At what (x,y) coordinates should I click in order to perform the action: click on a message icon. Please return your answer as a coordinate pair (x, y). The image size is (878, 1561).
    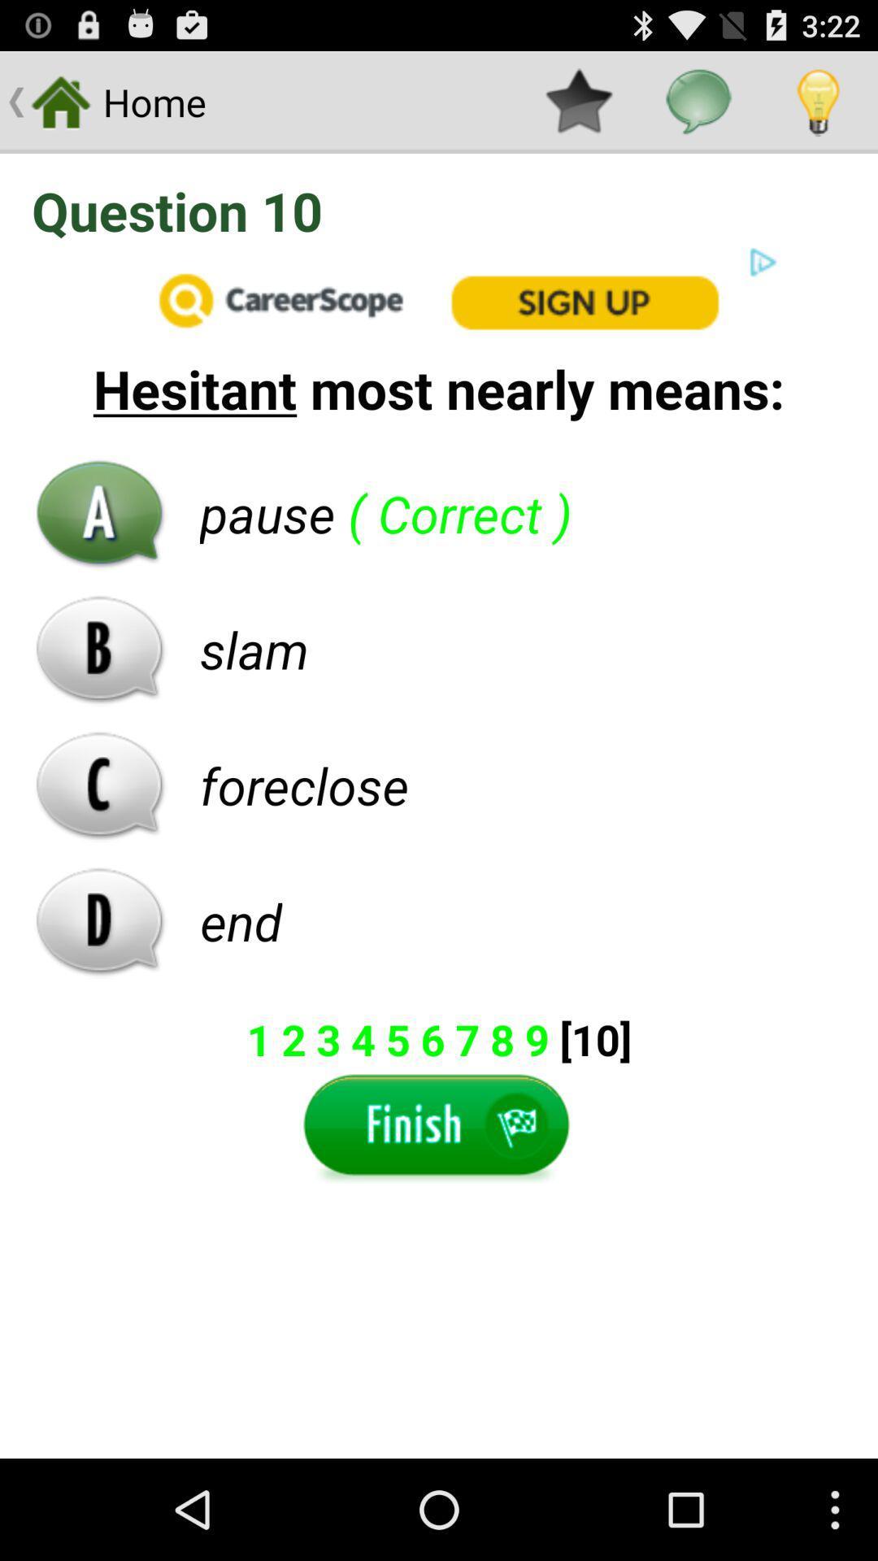
    Looking at the image, I should click on (698, 101).